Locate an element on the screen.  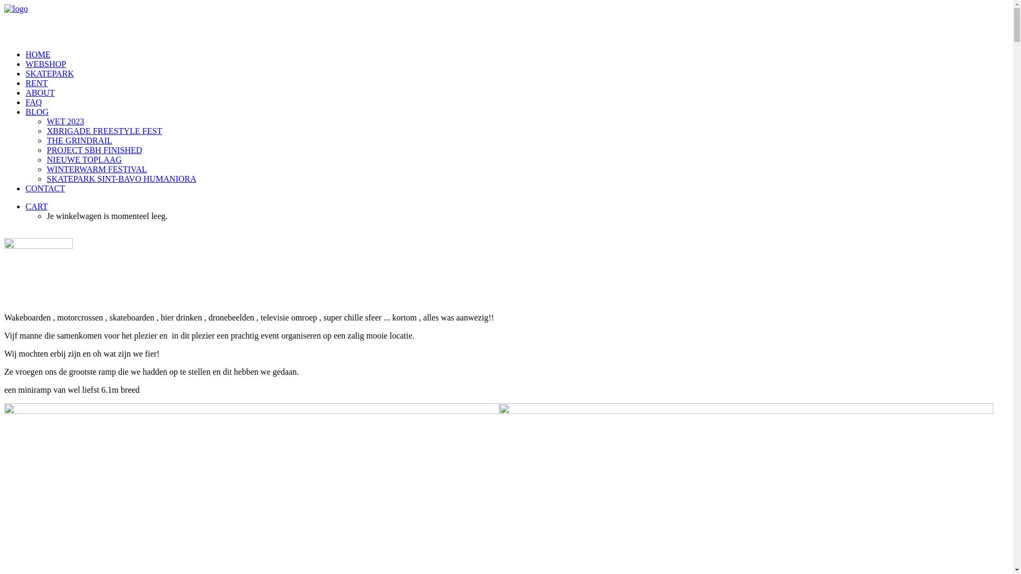
'WINTERWARM FESTIVAL' is located at coordinates (528, 169).